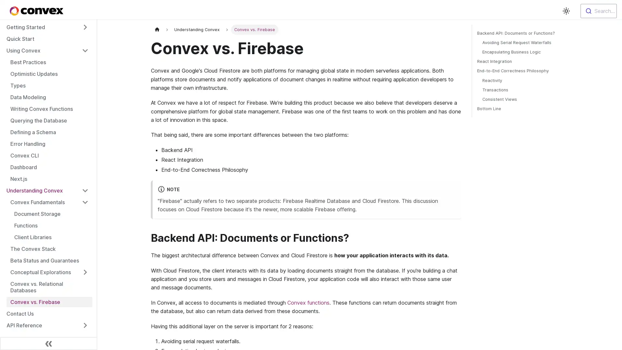  I want to click on Toggle the collapsible sidebar category 'Using Convex', so click(85, 50).